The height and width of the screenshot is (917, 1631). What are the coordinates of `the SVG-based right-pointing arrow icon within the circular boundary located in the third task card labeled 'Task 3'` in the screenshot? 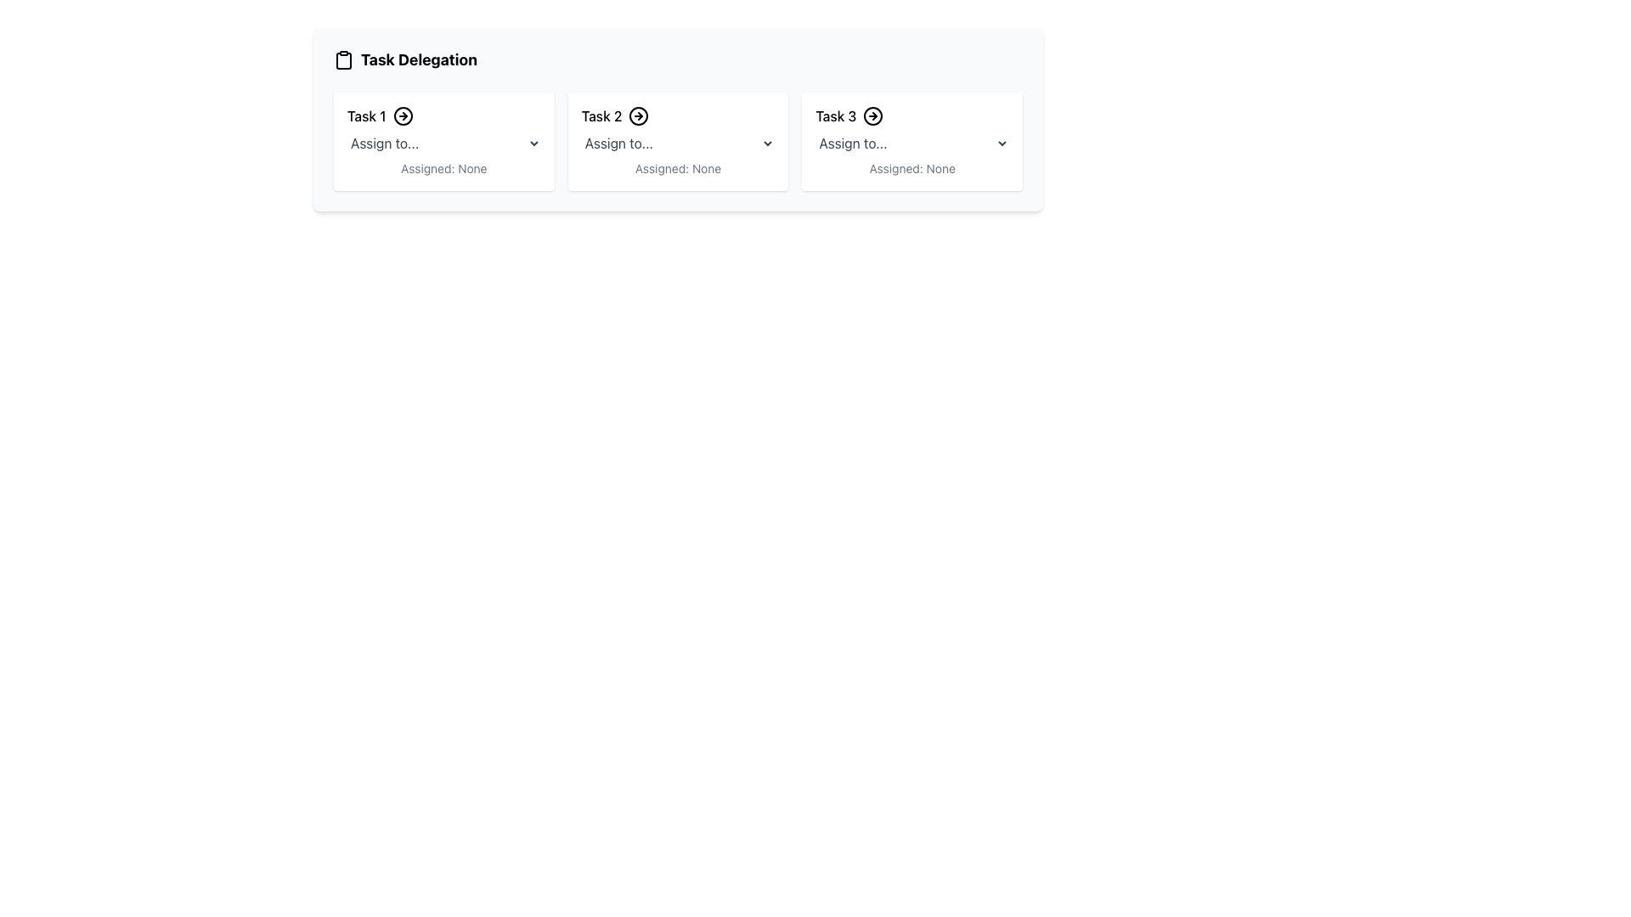 It's located at (873, 115).